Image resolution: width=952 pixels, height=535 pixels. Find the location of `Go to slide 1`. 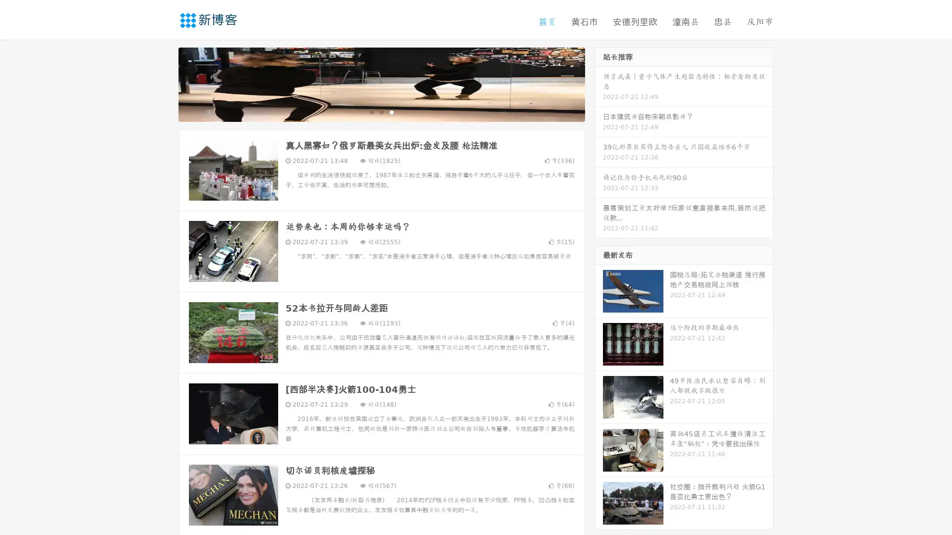

Go to slide 1 is located at coordinates (371, 111).